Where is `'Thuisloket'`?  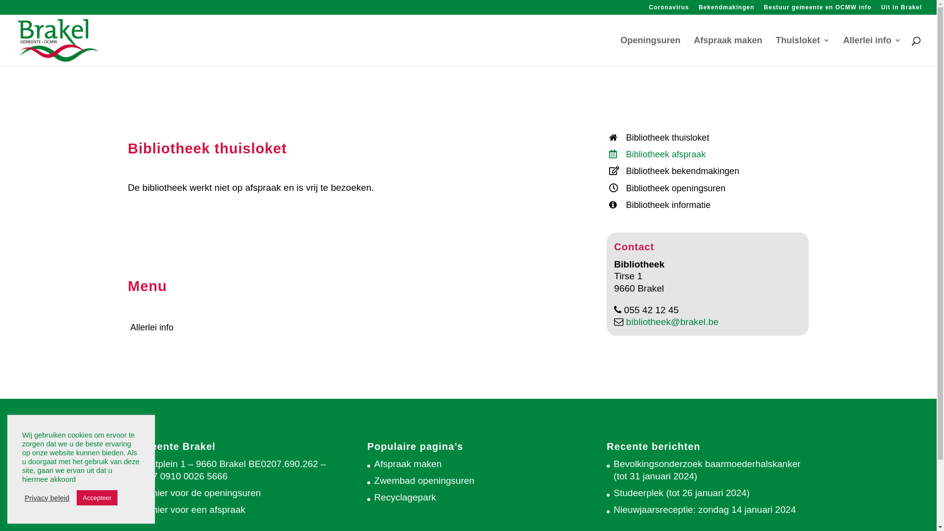 'Thuisloket' is located at coordinates (802, 51).